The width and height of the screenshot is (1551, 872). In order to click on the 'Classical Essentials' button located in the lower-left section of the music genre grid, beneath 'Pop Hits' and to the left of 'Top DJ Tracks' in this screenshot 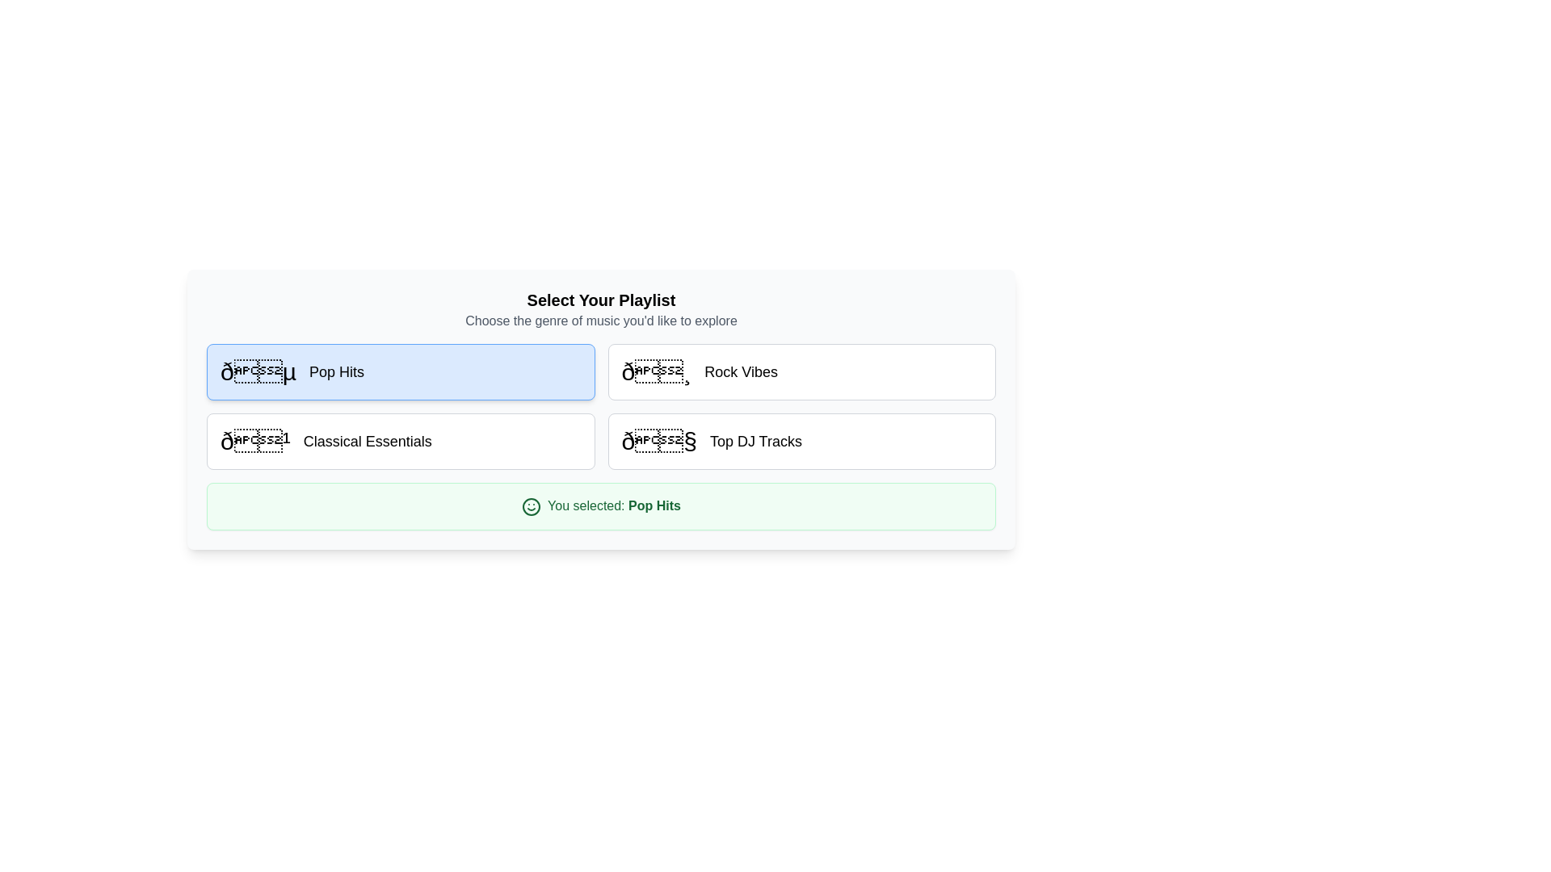, I will do `click(401, 442)`.